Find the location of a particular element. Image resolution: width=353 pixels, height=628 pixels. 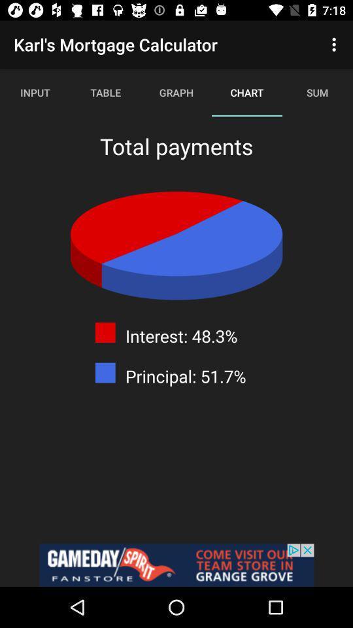

open advertisement is located at coordinates (176, 565).